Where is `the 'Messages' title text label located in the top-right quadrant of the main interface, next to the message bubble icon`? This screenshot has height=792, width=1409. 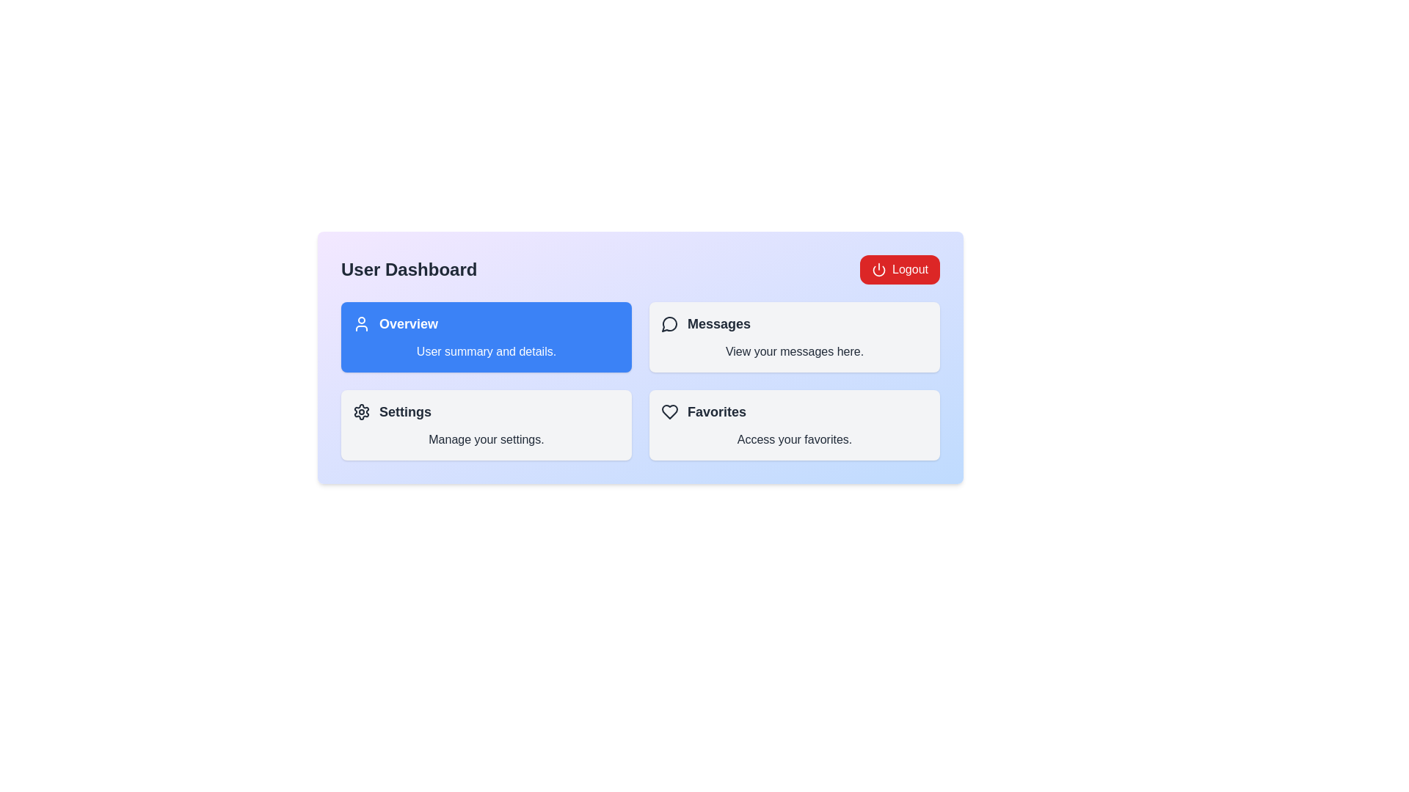 the 'Messages' title text label located in the top-right quadrant of the main interface, next to the message bubble icon is located at coordinates (718, 323).